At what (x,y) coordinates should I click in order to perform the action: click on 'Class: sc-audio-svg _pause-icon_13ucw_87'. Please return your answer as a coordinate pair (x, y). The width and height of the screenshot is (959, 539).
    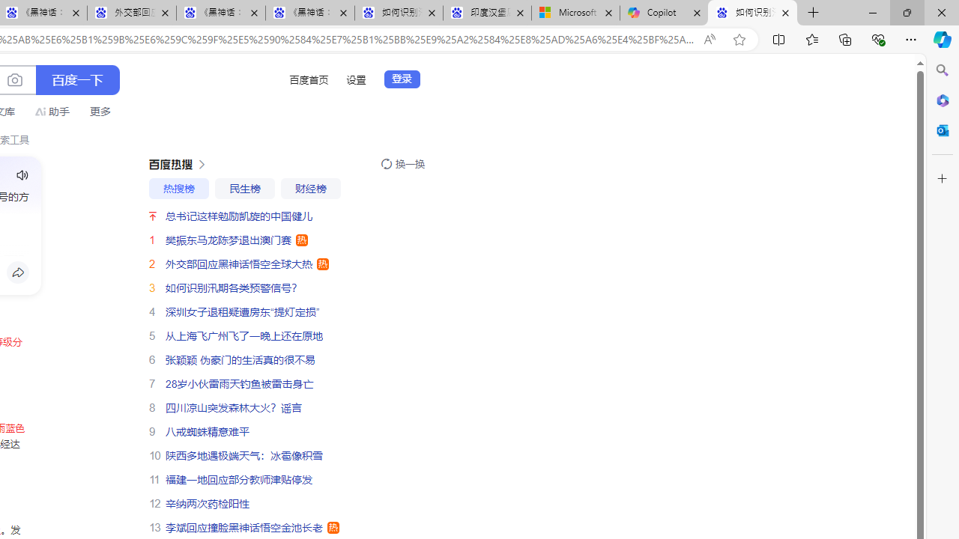
    Looking at the image, I should click on (22, 174).